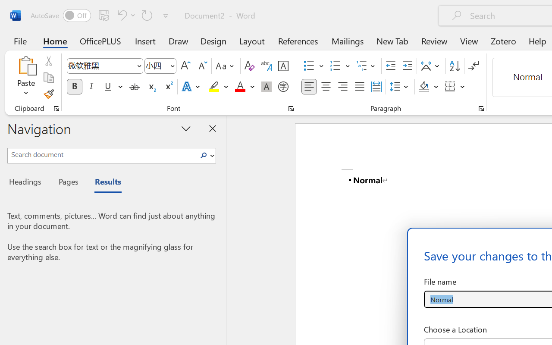 Image resolution: width=552 pixels, height=345 pixels. Describe the element at coordinates (151, 87) in the screenshot. I see `'Subscript'` at that location.